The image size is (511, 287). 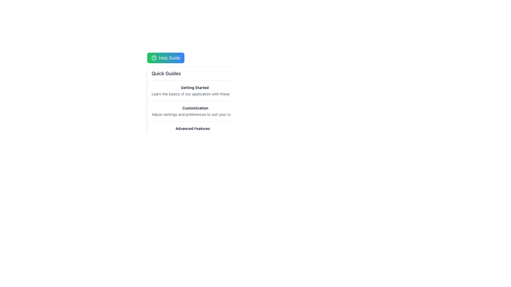 I want to click on the help icon located within the 'Help Guide' button, which is a circular icon preceding the text 'Help Guide', so click(x=154, y=58).